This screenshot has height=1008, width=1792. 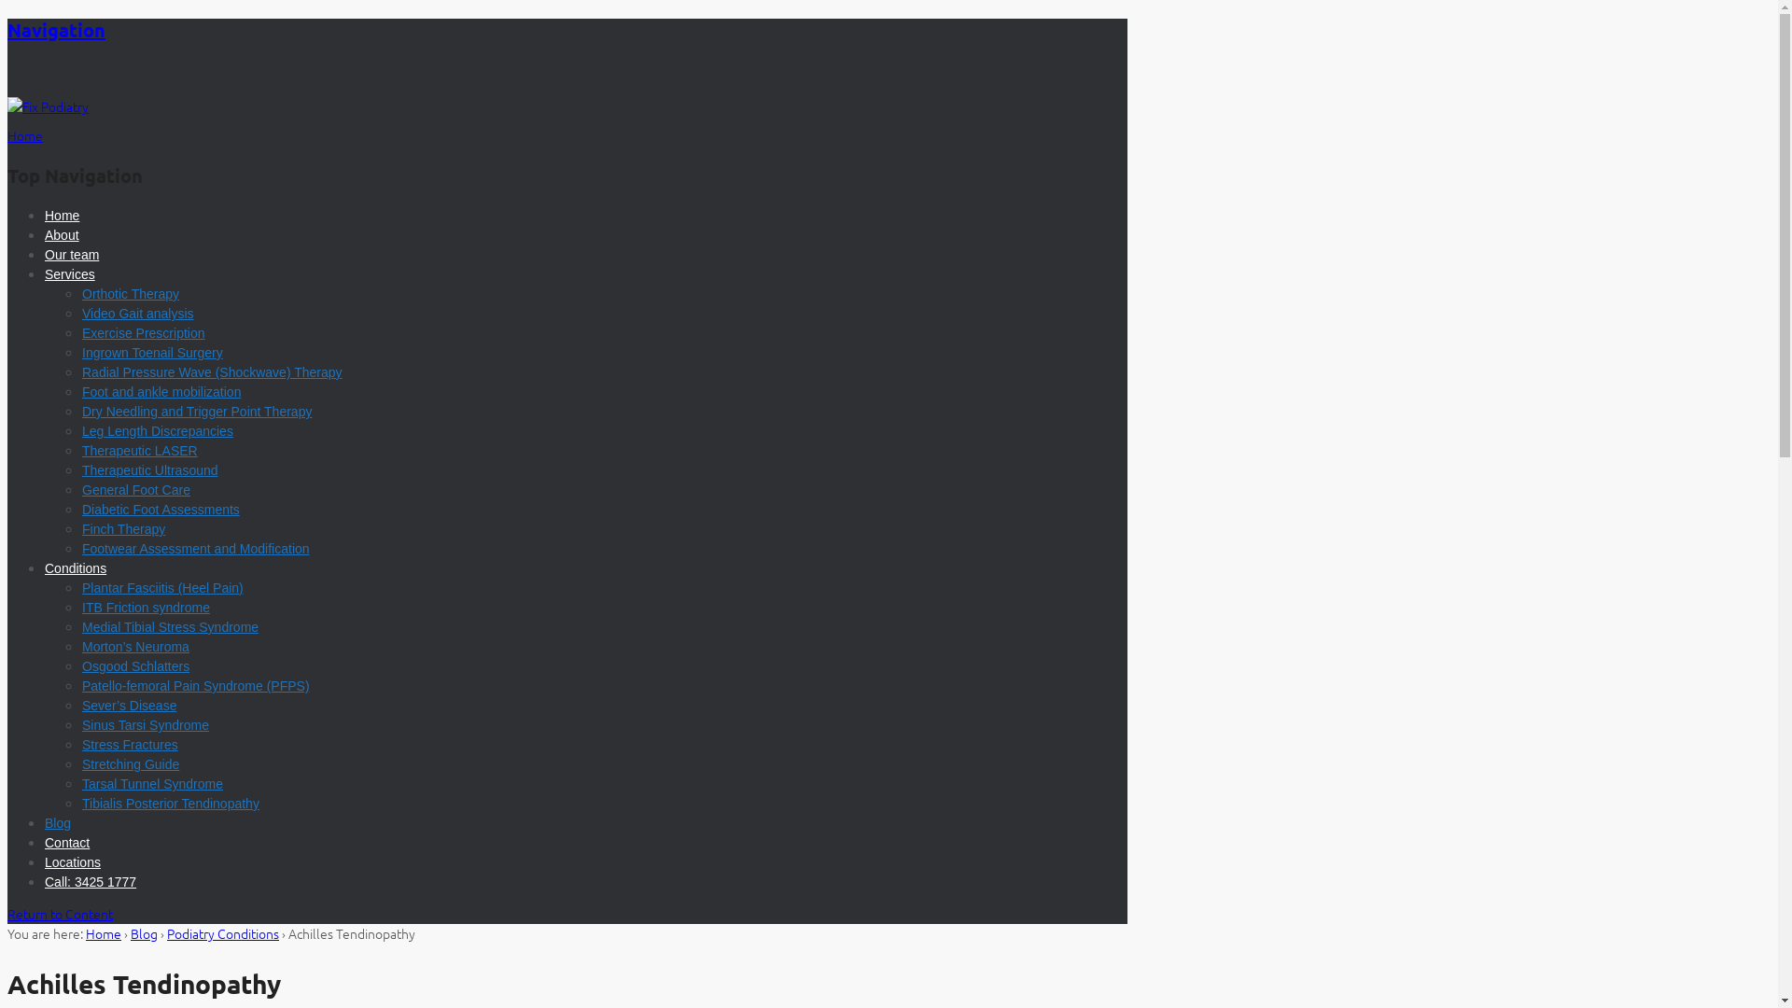 What do you see at coordinates (142, 332) in the screenshot?
I see `'Exercise Prescription'` at bounding box center [142, 332].